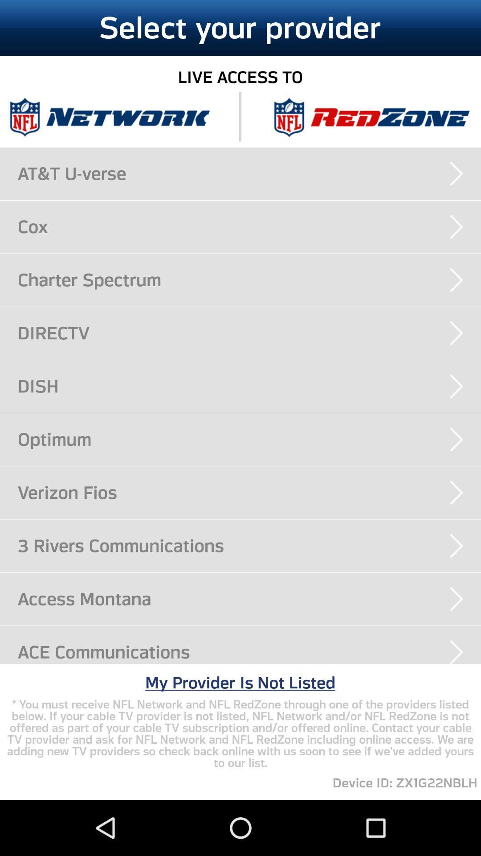 The image size is (481, 856). What do you see at coordinates (249, 599) in the screenshot?
I see `the access montana` at bounding box center [249, 599].